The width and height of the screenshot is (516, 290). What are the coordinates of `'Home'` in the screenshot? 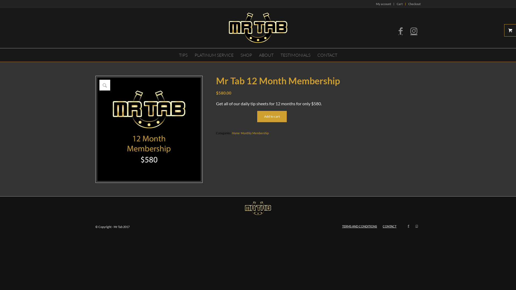 It's located at (236, 133).